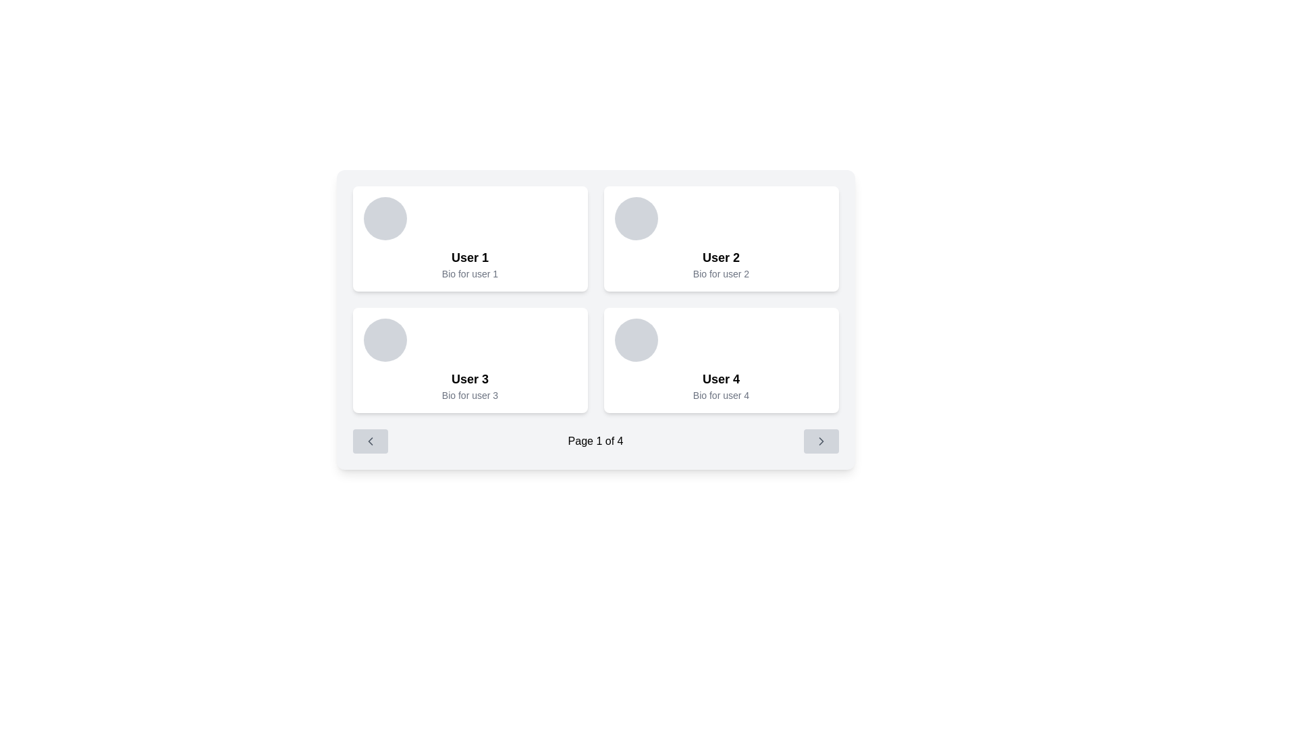  What do you see at coordinates (720, 257) in the screenshot?
I see `bold text label 'User 2' that is located within a card-like structure, positioned below a circular gray placeholder image` at bounding box center [720, 257].